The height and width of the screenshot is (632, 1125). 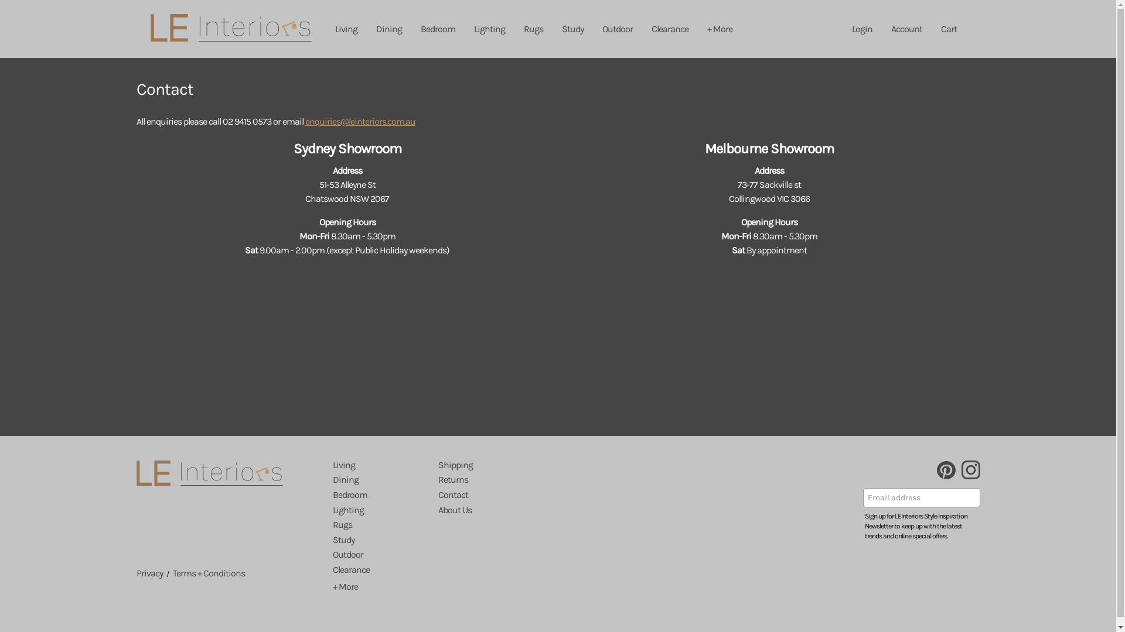 What do you see at coordinates (342, 524) in the screenshot?
I see `'Rugs'` at bounding box center [342, 524].